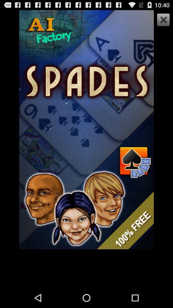  I want to click on the advertisements, so click(162, 21).